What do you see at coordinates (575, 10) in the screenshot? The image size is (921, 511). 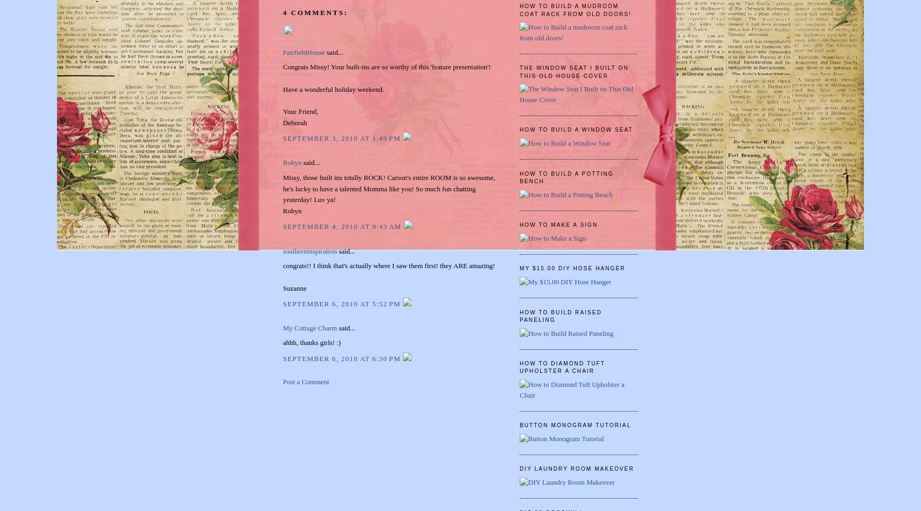 I see `'How to Build a mudroom coat rack from old doors!'` at bounding box center [575, 10].